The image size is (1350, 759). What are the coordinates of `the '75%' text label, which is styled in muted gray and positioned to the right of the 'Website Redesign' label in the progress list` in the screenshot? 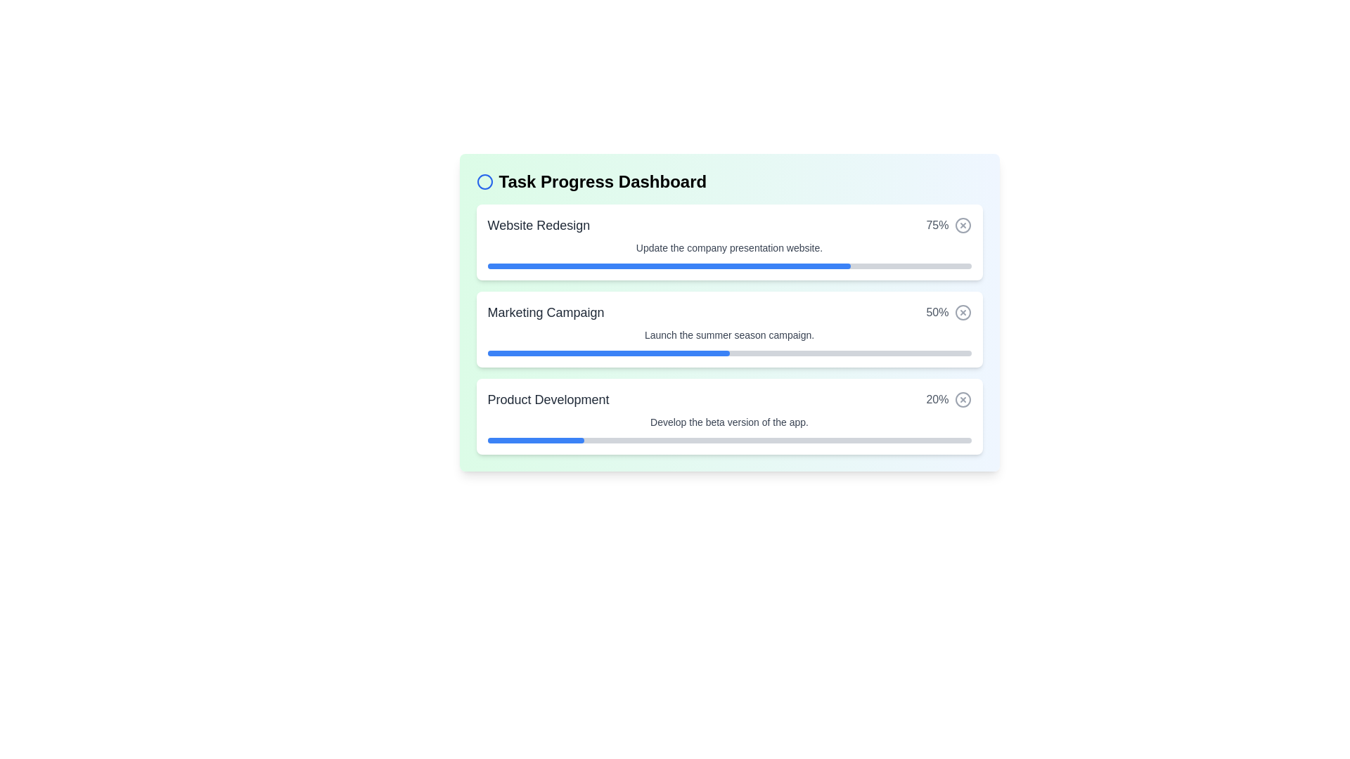 It's located at (949, 224).